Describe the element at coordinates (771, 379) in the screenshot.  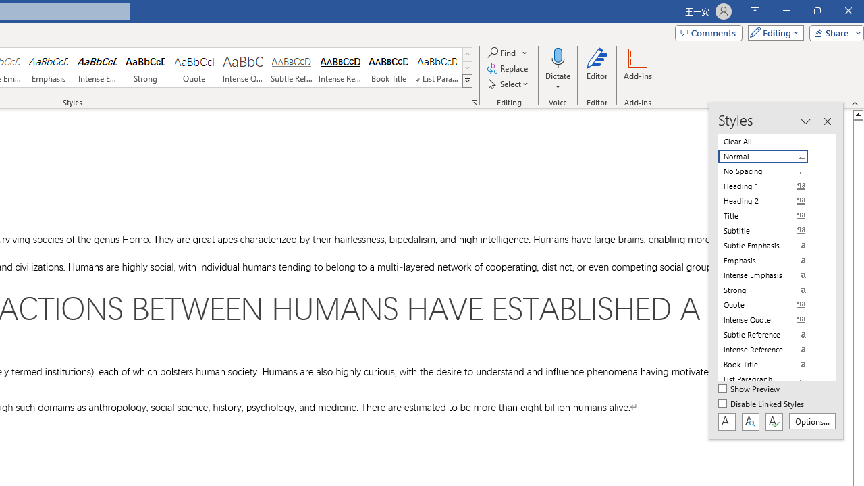
I see `'List Paragraph'` at that location.